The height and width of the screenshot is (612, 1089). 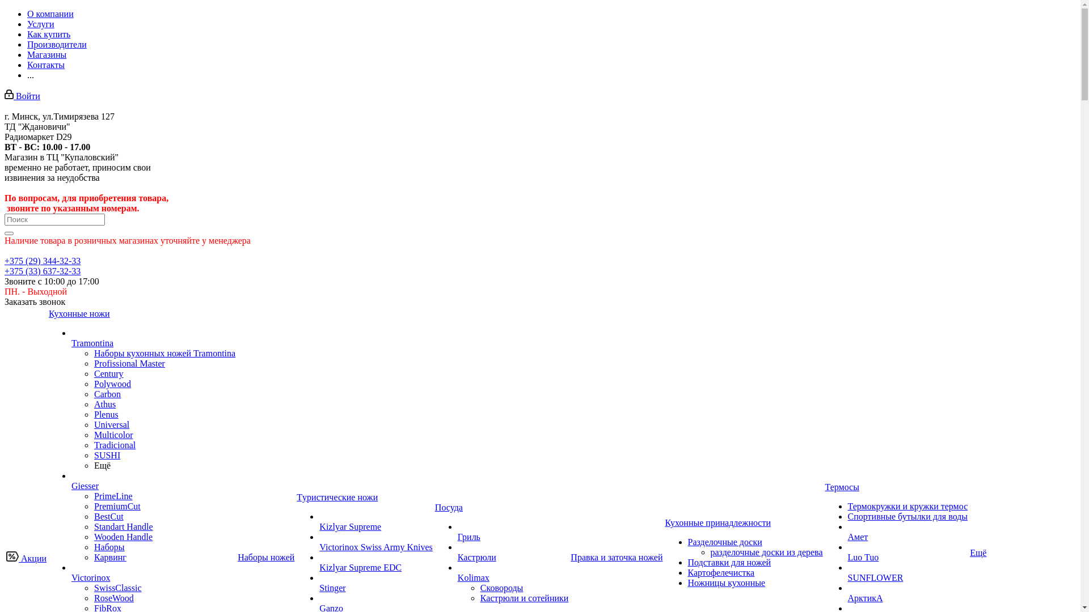 I want to click on 'Carbon', so click(x=107, y=393).